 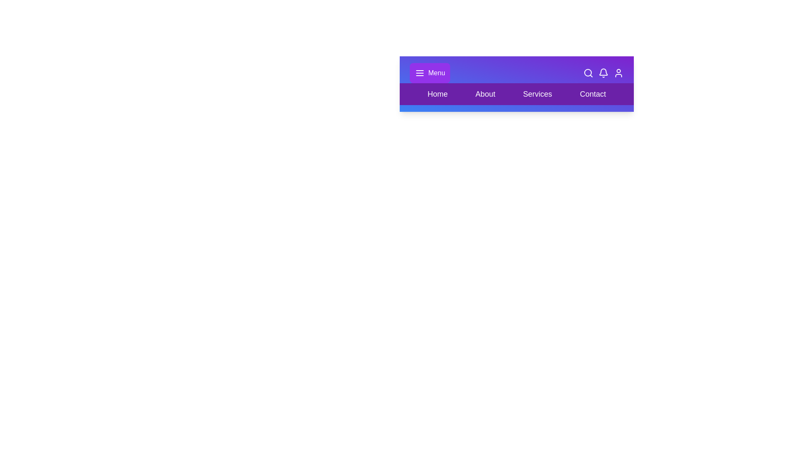 I want to click on 'Toggle Menu' button to toggle the visibility of the menu, so click(x=430, y=72).